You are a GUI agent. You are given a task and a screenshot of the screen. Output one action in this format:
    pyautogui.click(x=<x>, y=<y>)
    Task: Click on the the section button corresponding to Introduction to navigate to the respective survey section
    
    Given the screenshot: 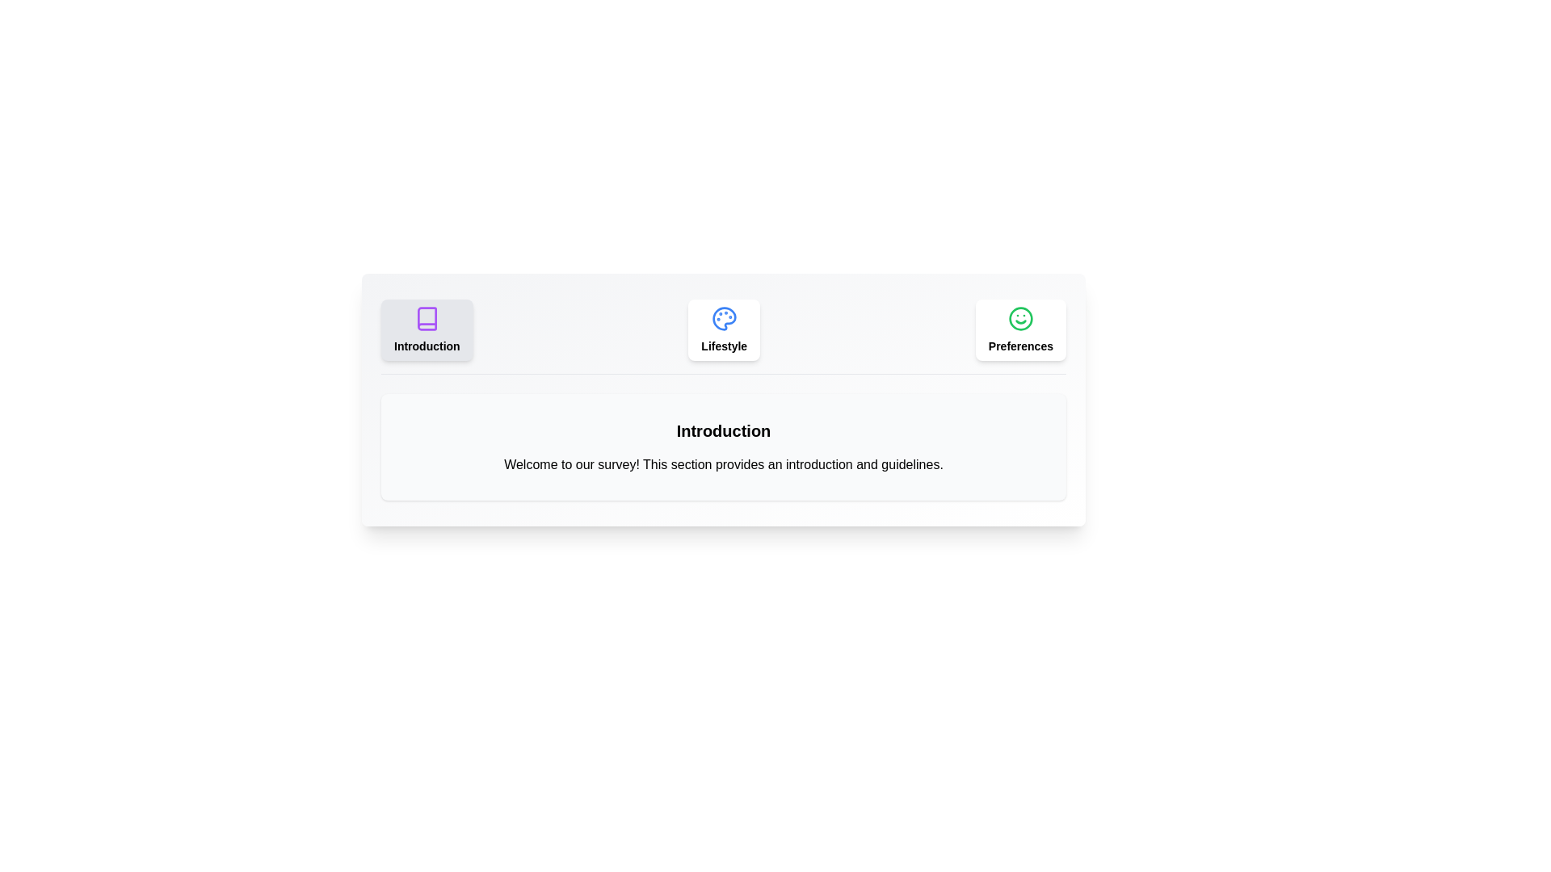 What is the action you would take?
    pyautogui.click(x=427, y=329)
    